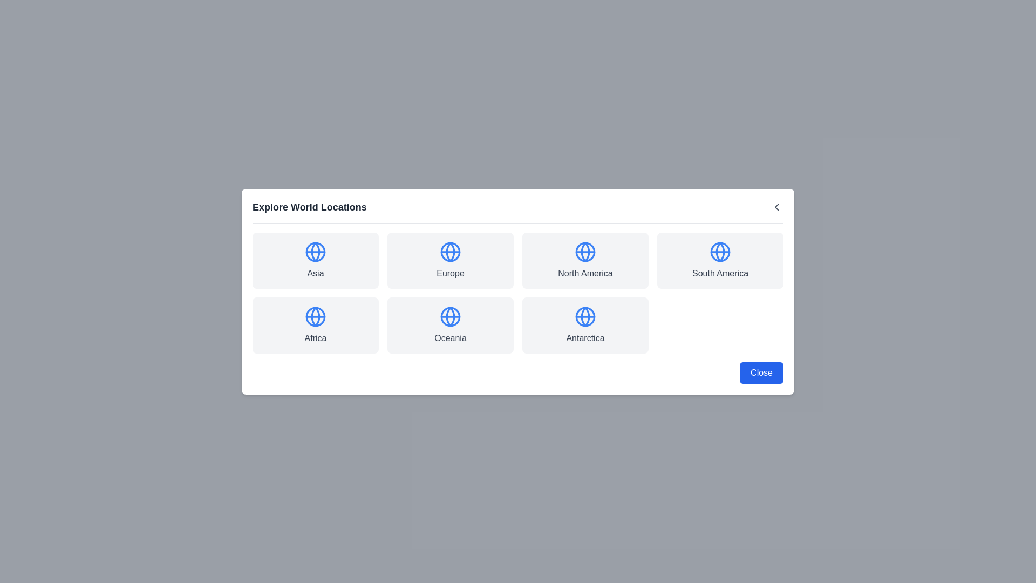  I want to click on the location Europe, so click(451, 260).